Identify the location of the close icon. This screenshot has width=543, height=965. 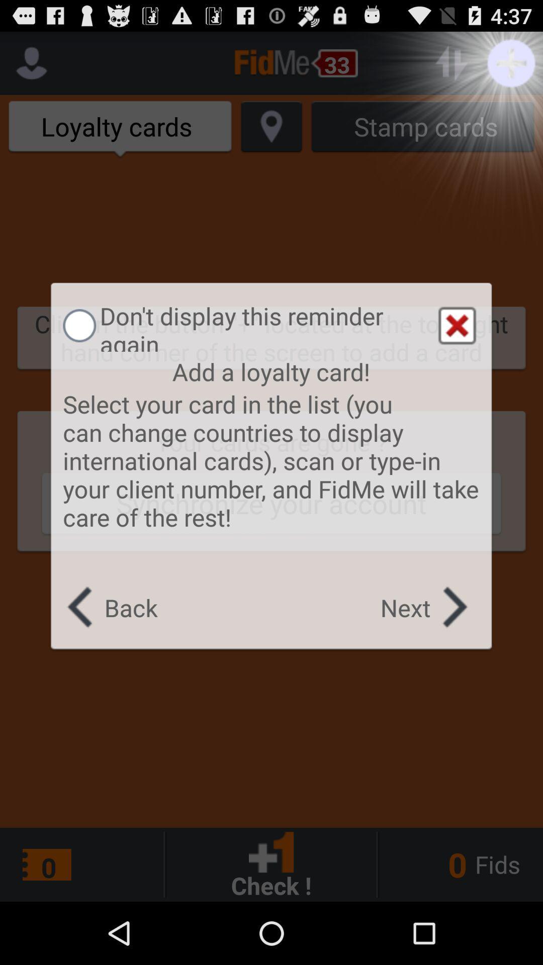
(457, 348).